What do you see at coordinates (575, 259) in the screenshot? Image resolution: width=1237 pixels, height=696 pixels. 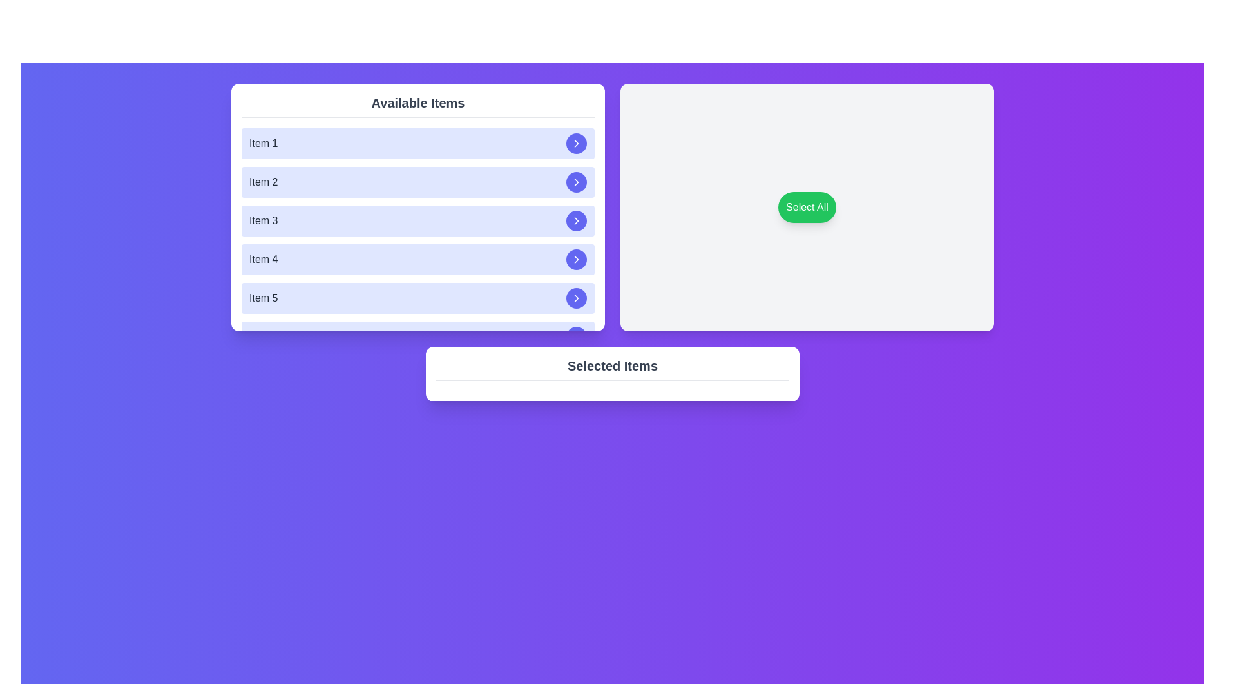 I see `the button located on the far right of the 'Item 4' row in the 'Available Items' section` at bounding box center [575, 259].